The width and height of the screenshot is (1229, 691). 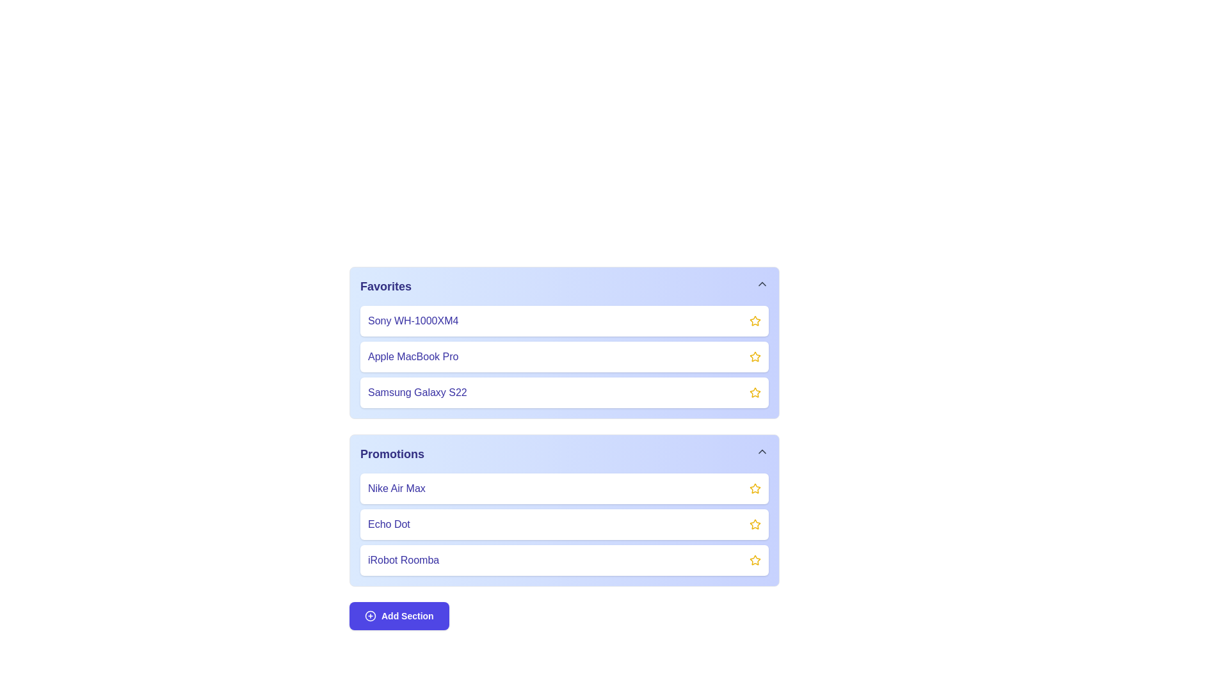 I want to click on 'Add Section' button to add a new section, so click(x=398, y=616).